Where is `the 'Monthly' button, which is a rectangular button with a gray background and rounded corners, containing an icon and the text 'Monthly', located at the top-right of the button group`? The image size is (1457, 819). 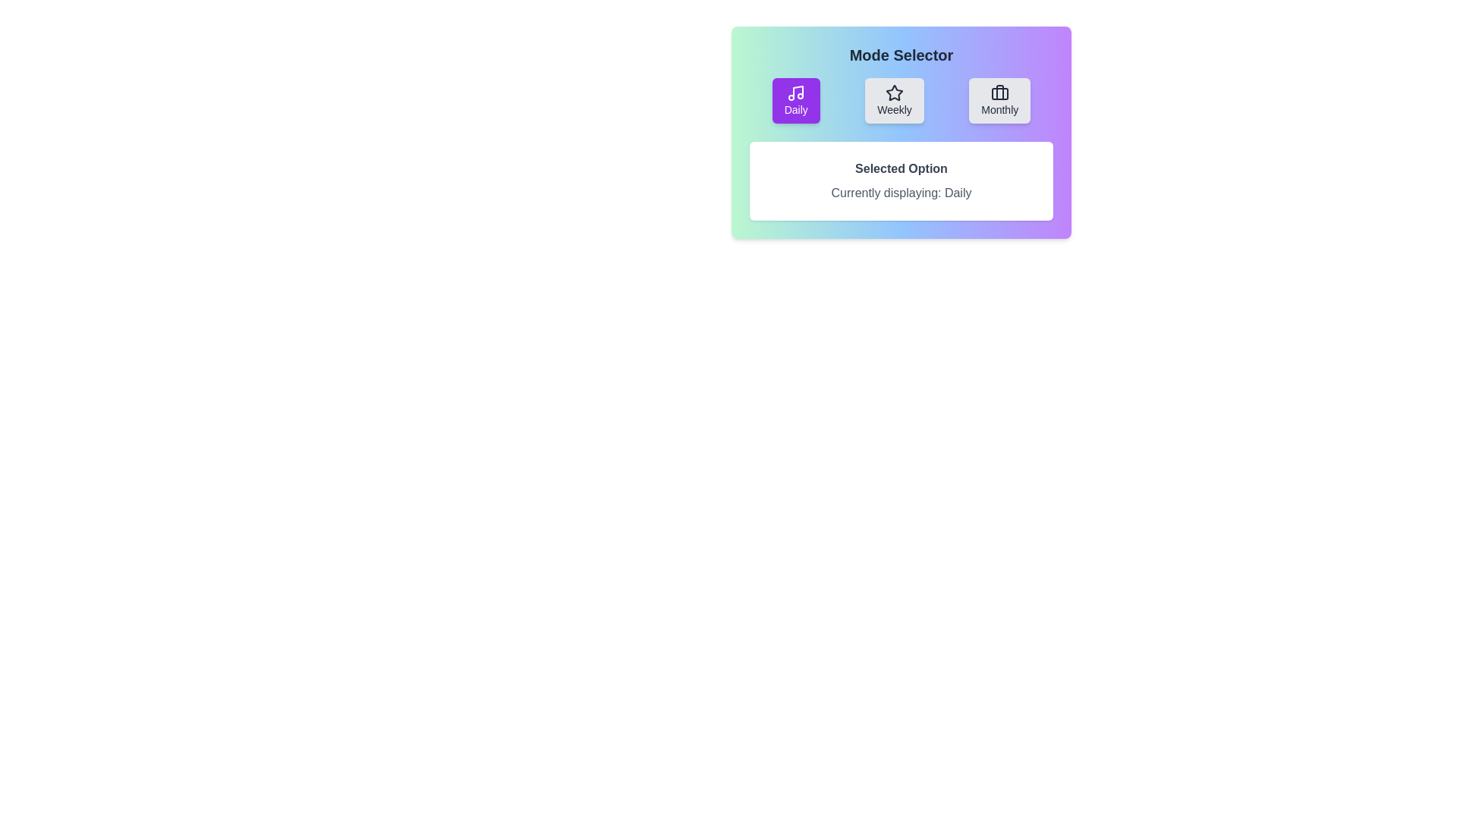
the 'Monthly' button, which is a rectangular button with a gray background and rounded corners, containing an icon and the text 'Monthly', located at the top-right of the button group is located at coordinates (999, 100).